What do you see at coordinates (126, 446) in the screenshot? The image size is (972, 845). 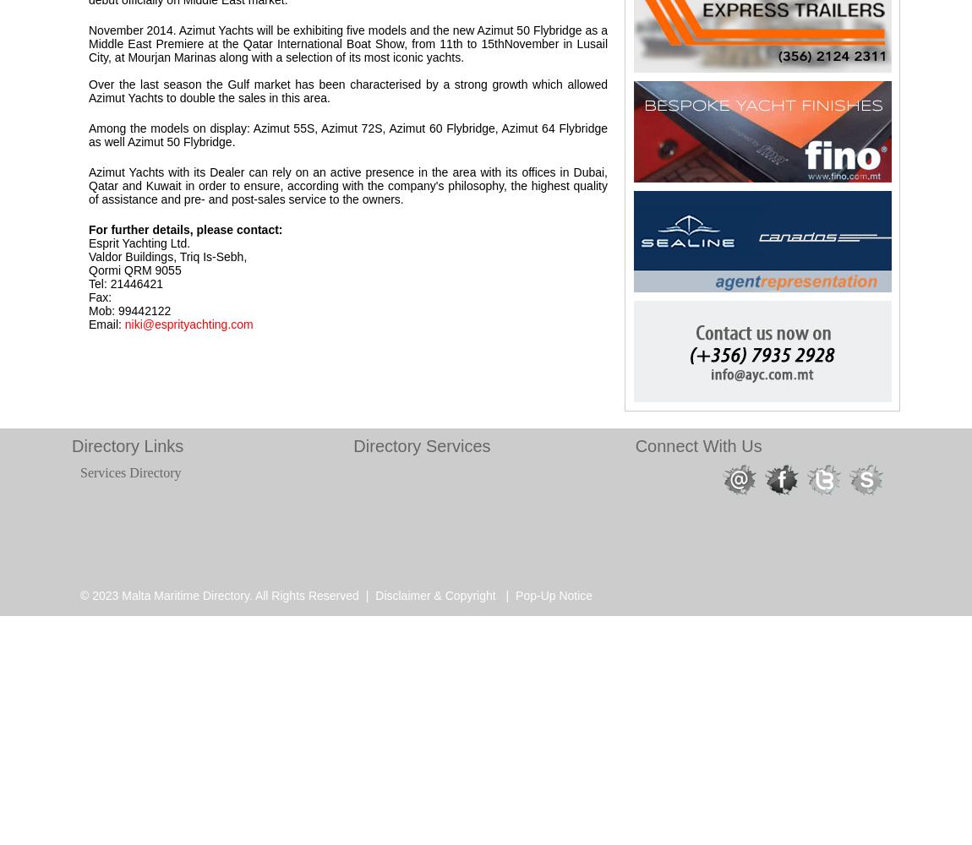 I see `'Directory Links'` at bounding box center [126, 446].